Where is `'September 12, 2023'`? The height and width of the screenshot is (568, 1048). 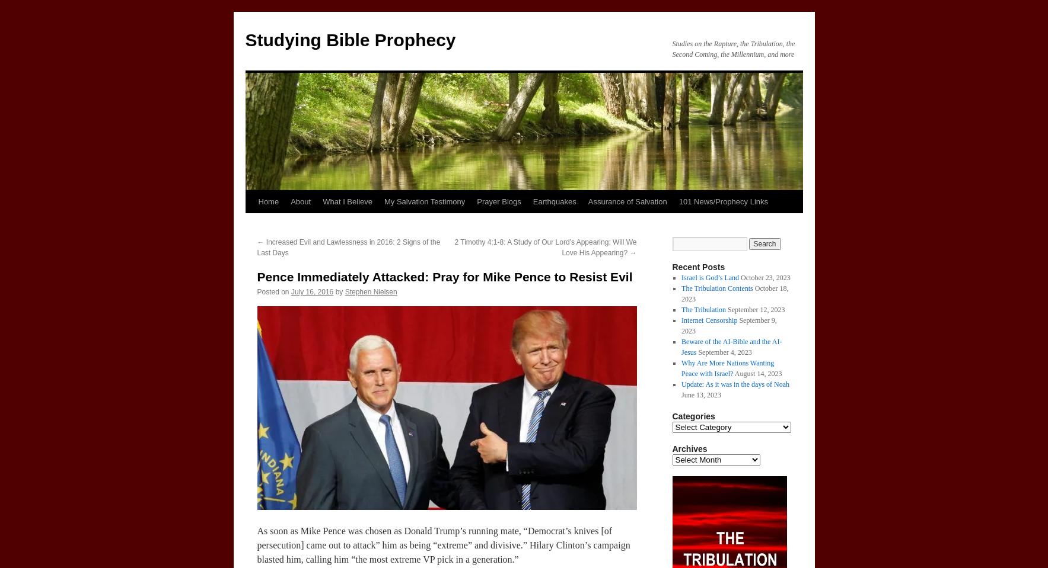 'September 12, 2023' is located at coordinates (756, 310).